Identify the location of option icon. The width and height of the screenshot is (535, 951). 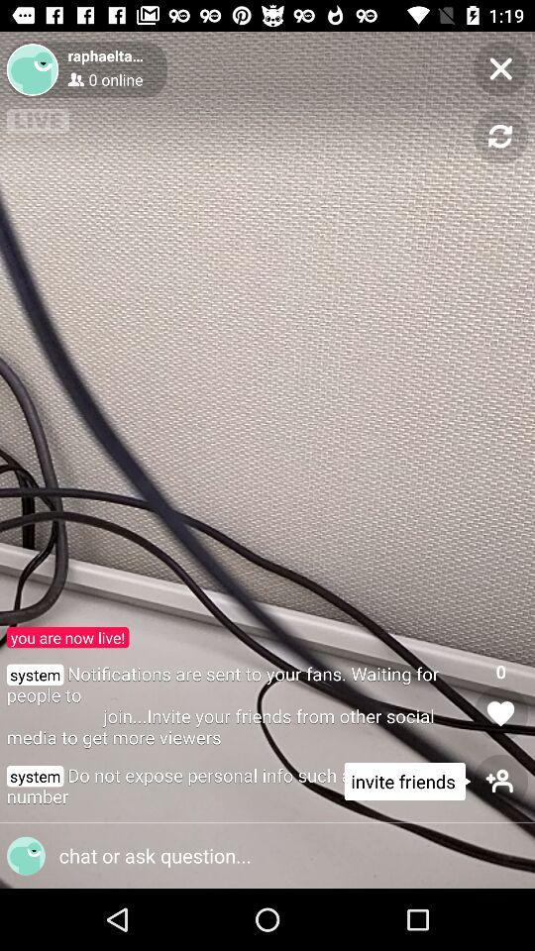
(260, 855).